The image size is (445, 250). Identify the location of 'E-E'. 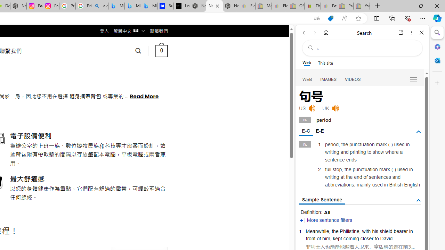
(319, 131).